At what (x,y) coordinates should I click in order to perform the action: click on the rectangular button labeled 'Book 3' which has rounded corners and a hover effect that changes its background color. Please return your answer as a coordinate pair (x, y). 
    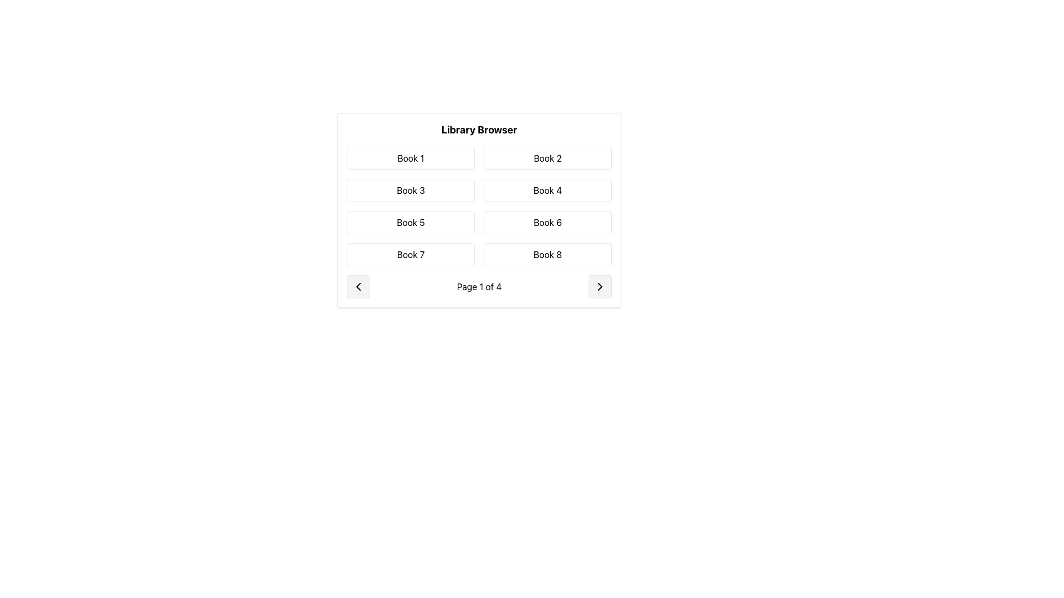
    Looking at the image, I should click on (410, 189).